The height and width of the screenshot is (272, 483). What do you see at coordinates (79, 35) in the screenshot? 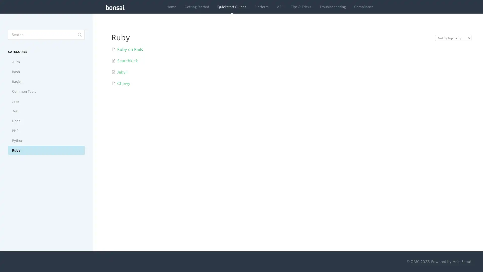
I see `Toggle Search` at bounding box center [79, 35].